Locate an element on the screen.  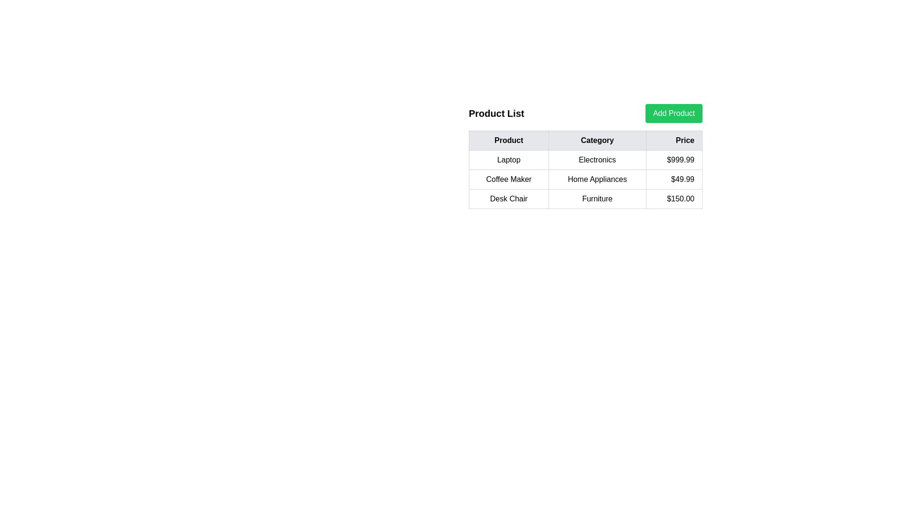
the 'Electronics' label in the second column of the data table, which identifies the product category for 'Laptop' is located at coordinates (597, 159).